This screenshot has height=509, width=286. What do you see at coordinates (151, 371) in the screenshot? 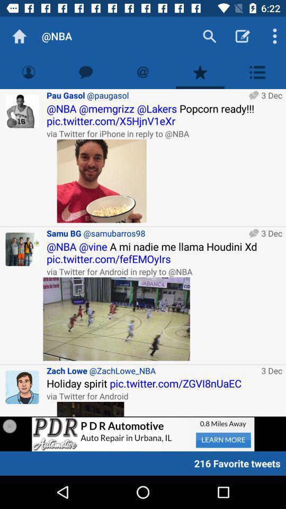
I see `icon above the holiday spirit pic` at bounding box center [151, 371].